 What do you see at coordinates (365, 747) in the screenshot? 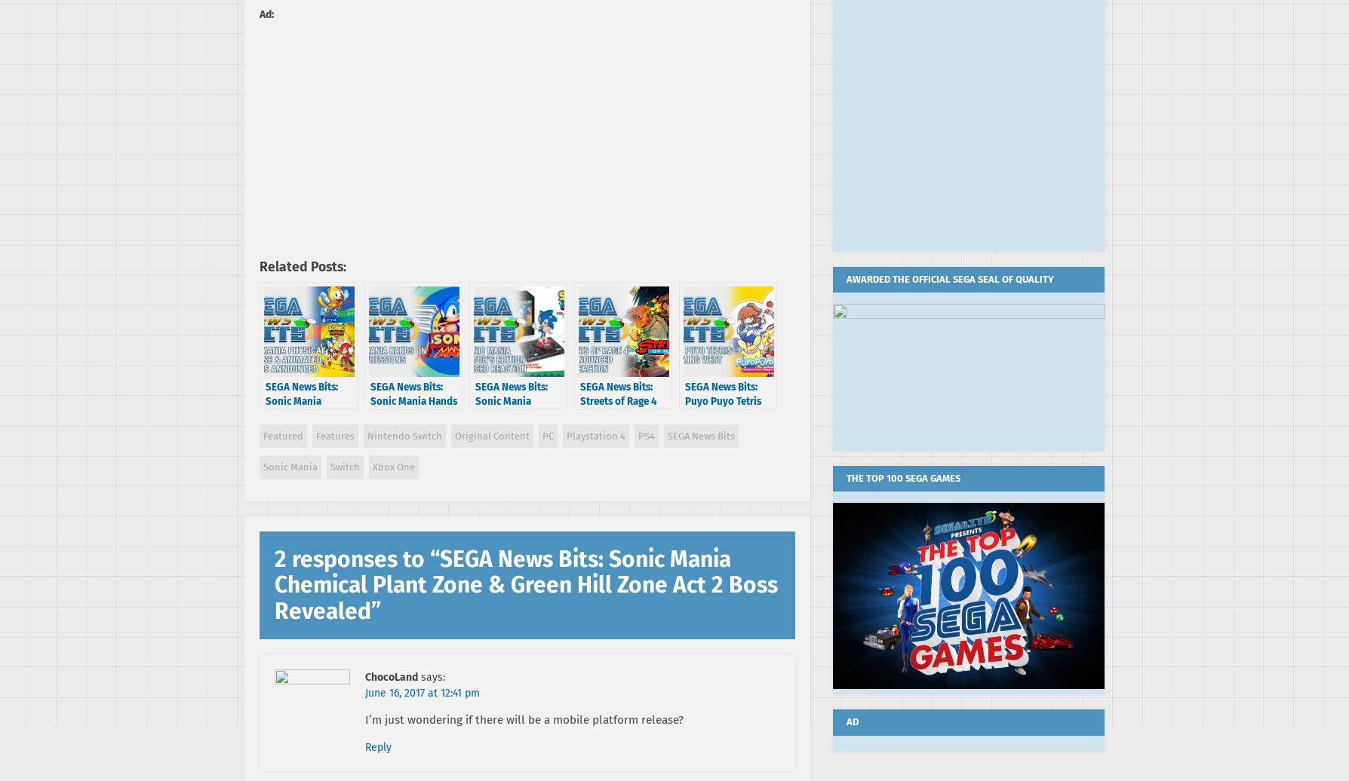
I see `'Reply'` at bounding box center [365, 747].